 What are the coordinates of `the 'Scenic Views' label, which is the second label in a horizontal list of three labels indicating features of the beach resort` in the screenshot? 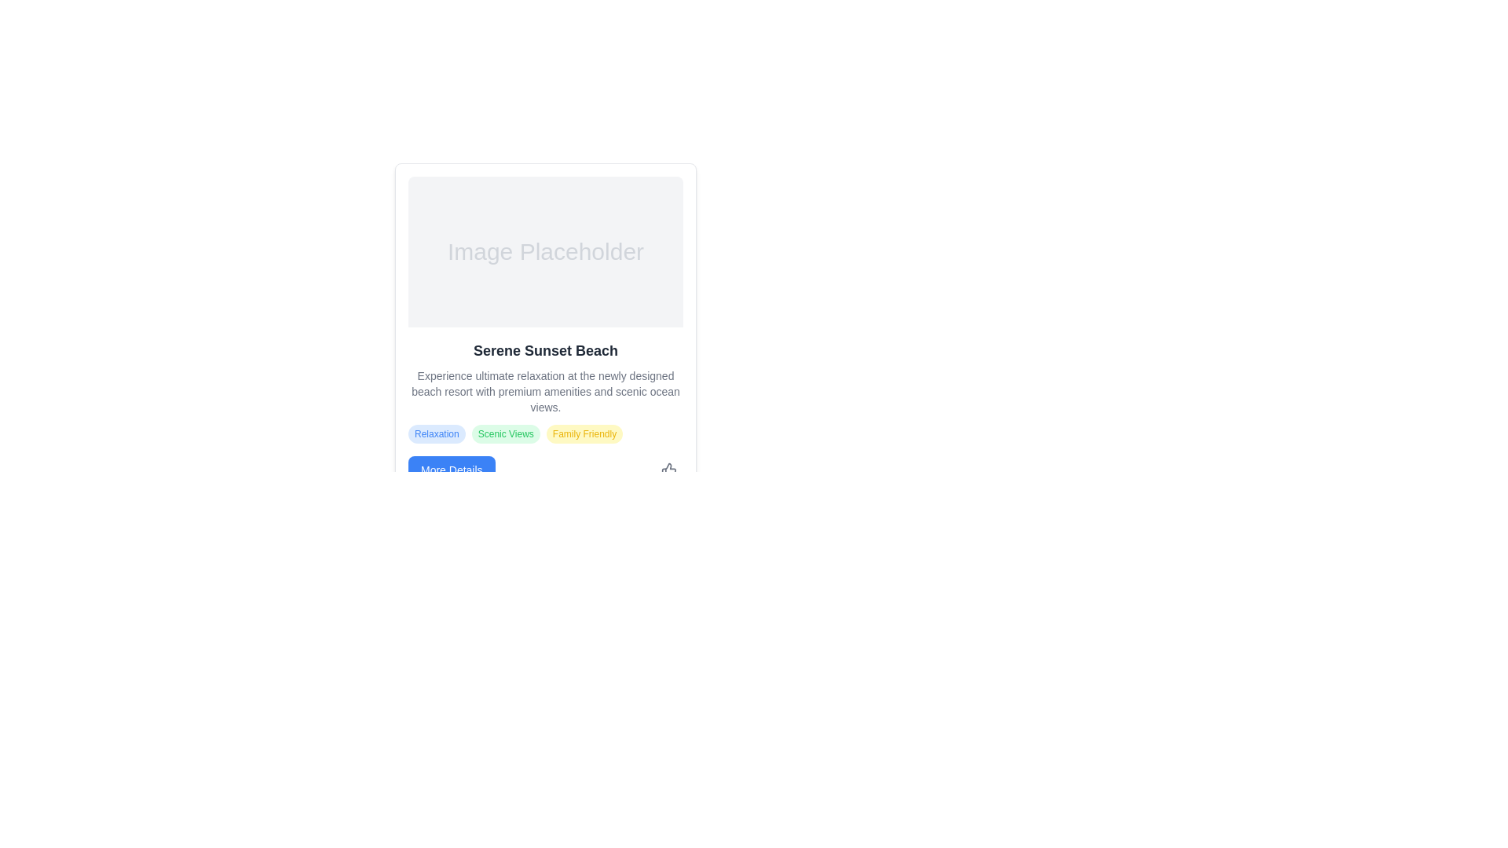 It's located at (506, 433).